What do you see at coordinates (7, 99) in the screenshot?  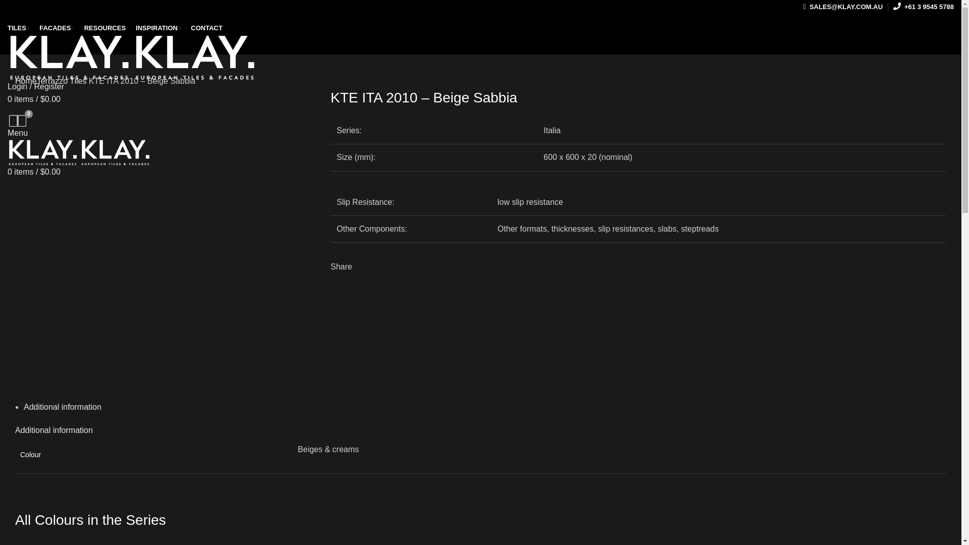 I see `'0 items / $0.00'` at bounding box center [7, 99].